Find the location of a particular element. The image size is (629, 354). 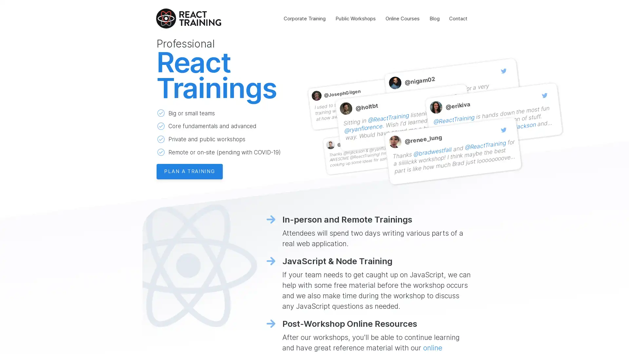

Twitter Avatar for erikiva @erikiva @ReactTrainingishandsdownthemostfunIvehadwhilstlearningashittonofstuff.Thankyou@ryanflorence, @mjacksonand@WayfairTechfororganizing.Lovedhowmuchcoolstuffthematerialcovers is located at coordinates (493, 113).